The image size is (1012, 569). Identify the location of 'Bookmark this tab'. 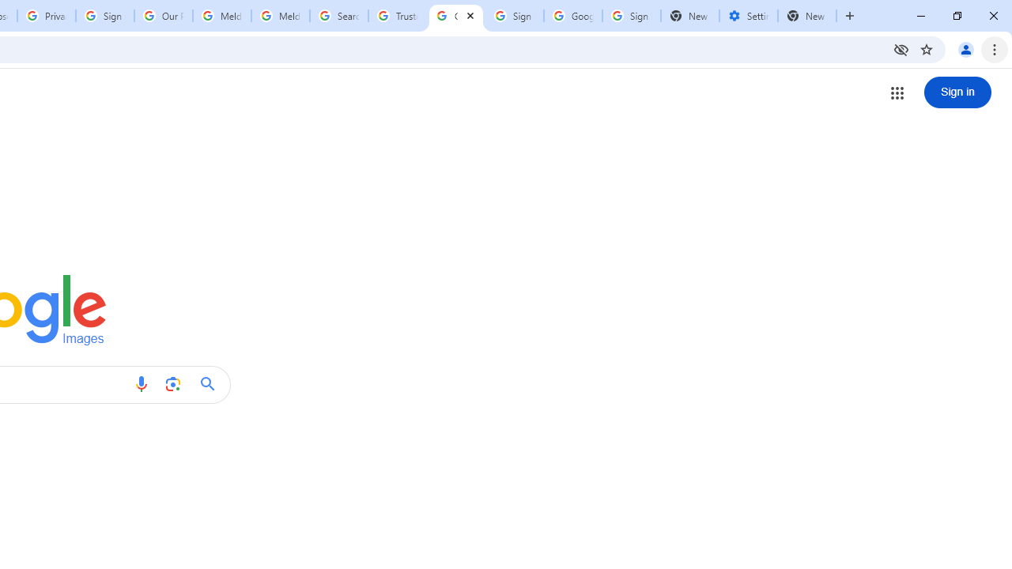
(926, 48).